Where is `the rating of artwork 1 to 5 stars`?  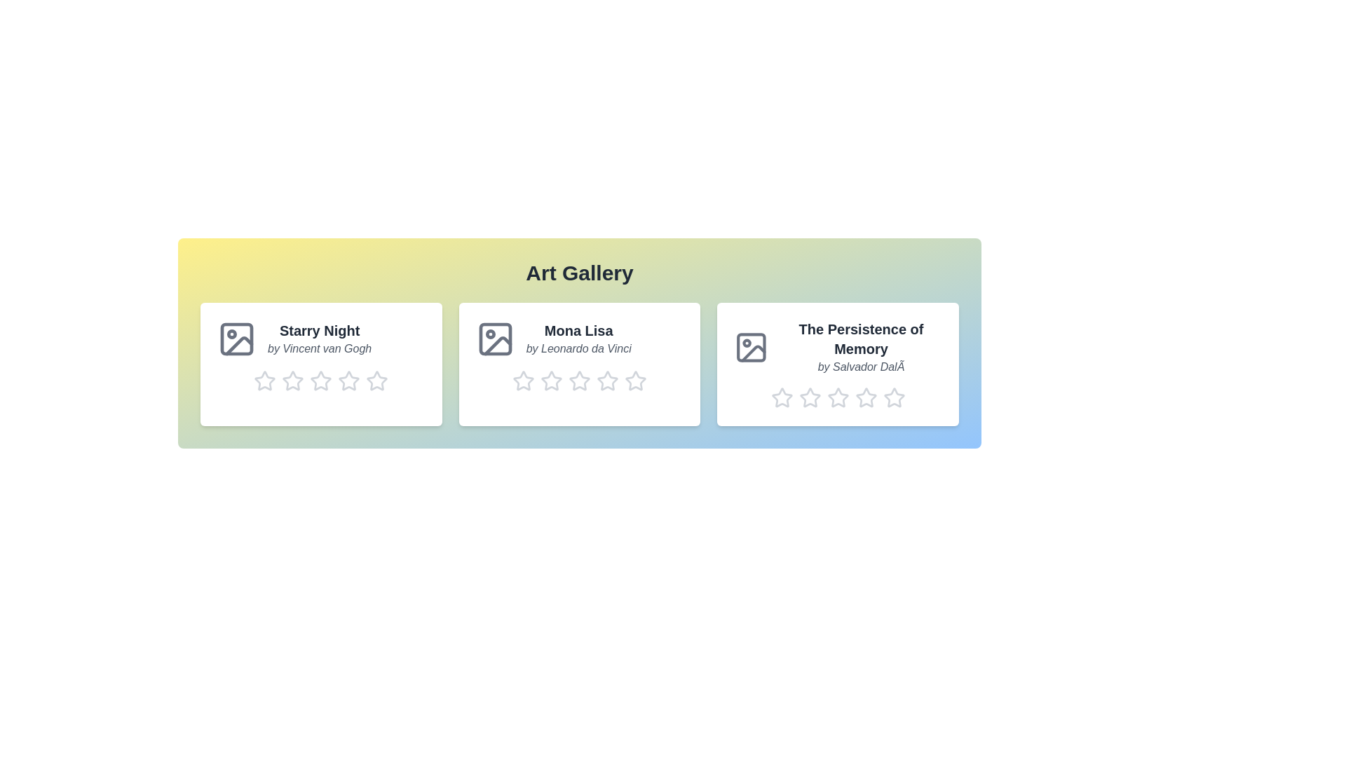
the rating of artwork 1 to 5 stars is located at coordinates (366, 381).